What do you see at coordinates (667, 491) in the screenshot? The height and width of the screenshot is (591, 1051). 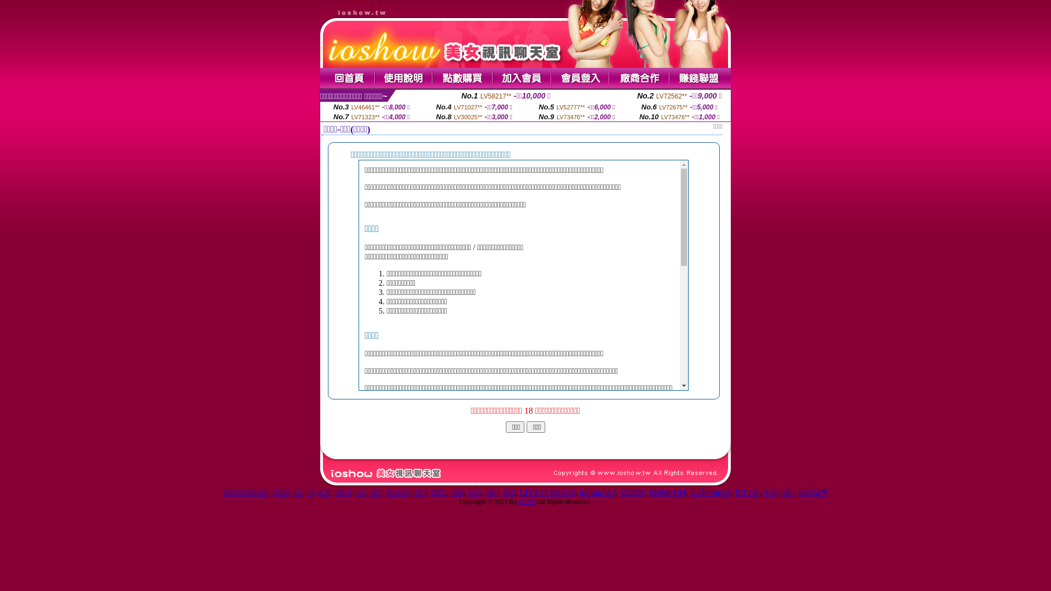 I see `'MeMe104'` at bounding box center [667, 491].